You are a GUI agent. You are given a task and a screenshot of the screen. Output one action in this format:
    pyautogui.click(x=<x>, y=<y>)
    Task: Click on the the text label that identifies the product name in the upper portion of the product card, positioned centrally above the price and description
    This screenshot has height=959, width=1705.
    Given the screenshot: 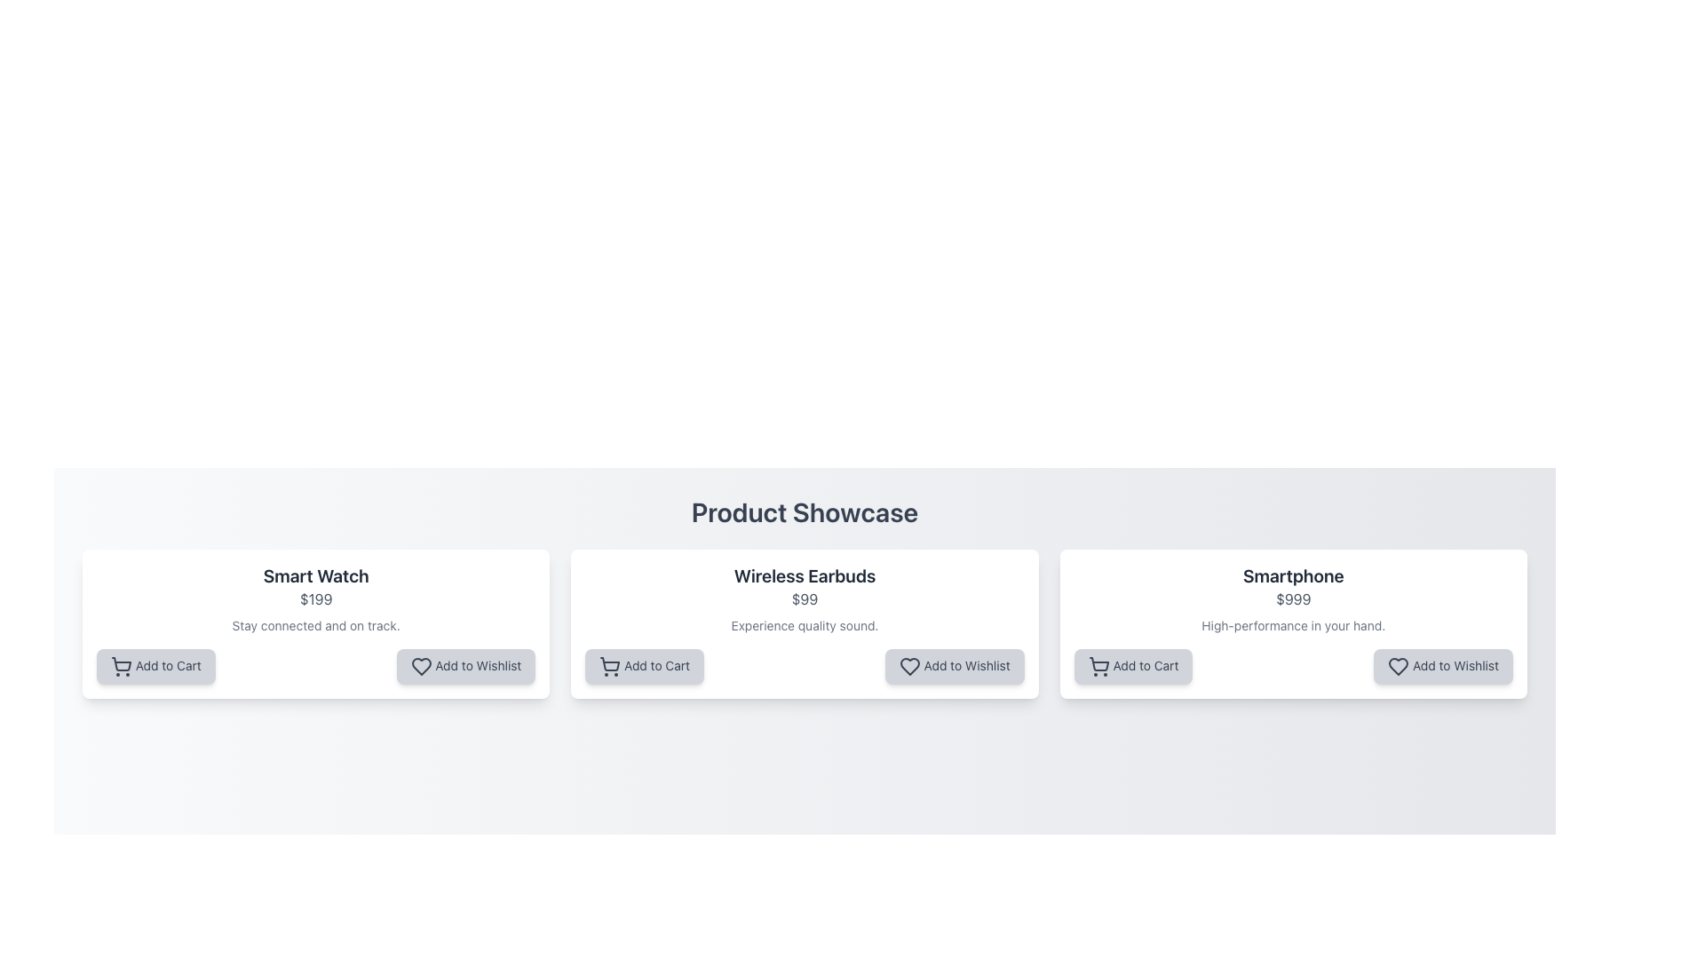 What is the action you would take?
    pyautogui.click(x=316, y=575)
    